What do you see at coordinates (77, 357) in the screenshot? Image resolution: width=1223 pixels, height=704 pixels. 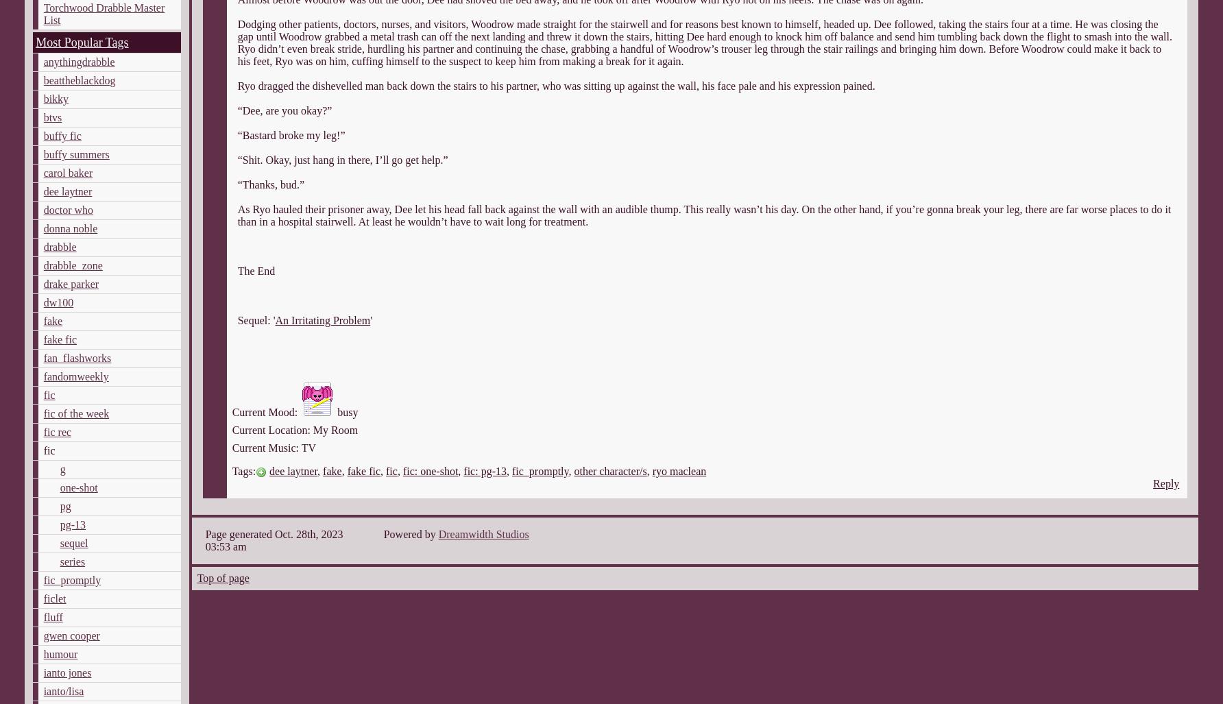 I see `'fan_flashworks'` at bounding box center [77, 357].